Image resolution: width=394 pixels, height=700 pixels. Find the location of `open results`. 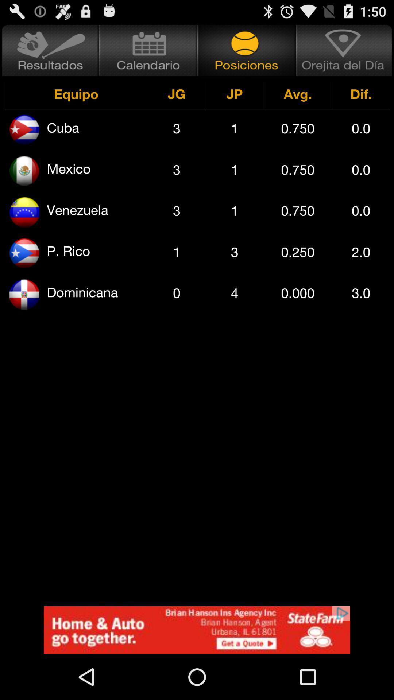

open results is located at coordinates (49, 50).